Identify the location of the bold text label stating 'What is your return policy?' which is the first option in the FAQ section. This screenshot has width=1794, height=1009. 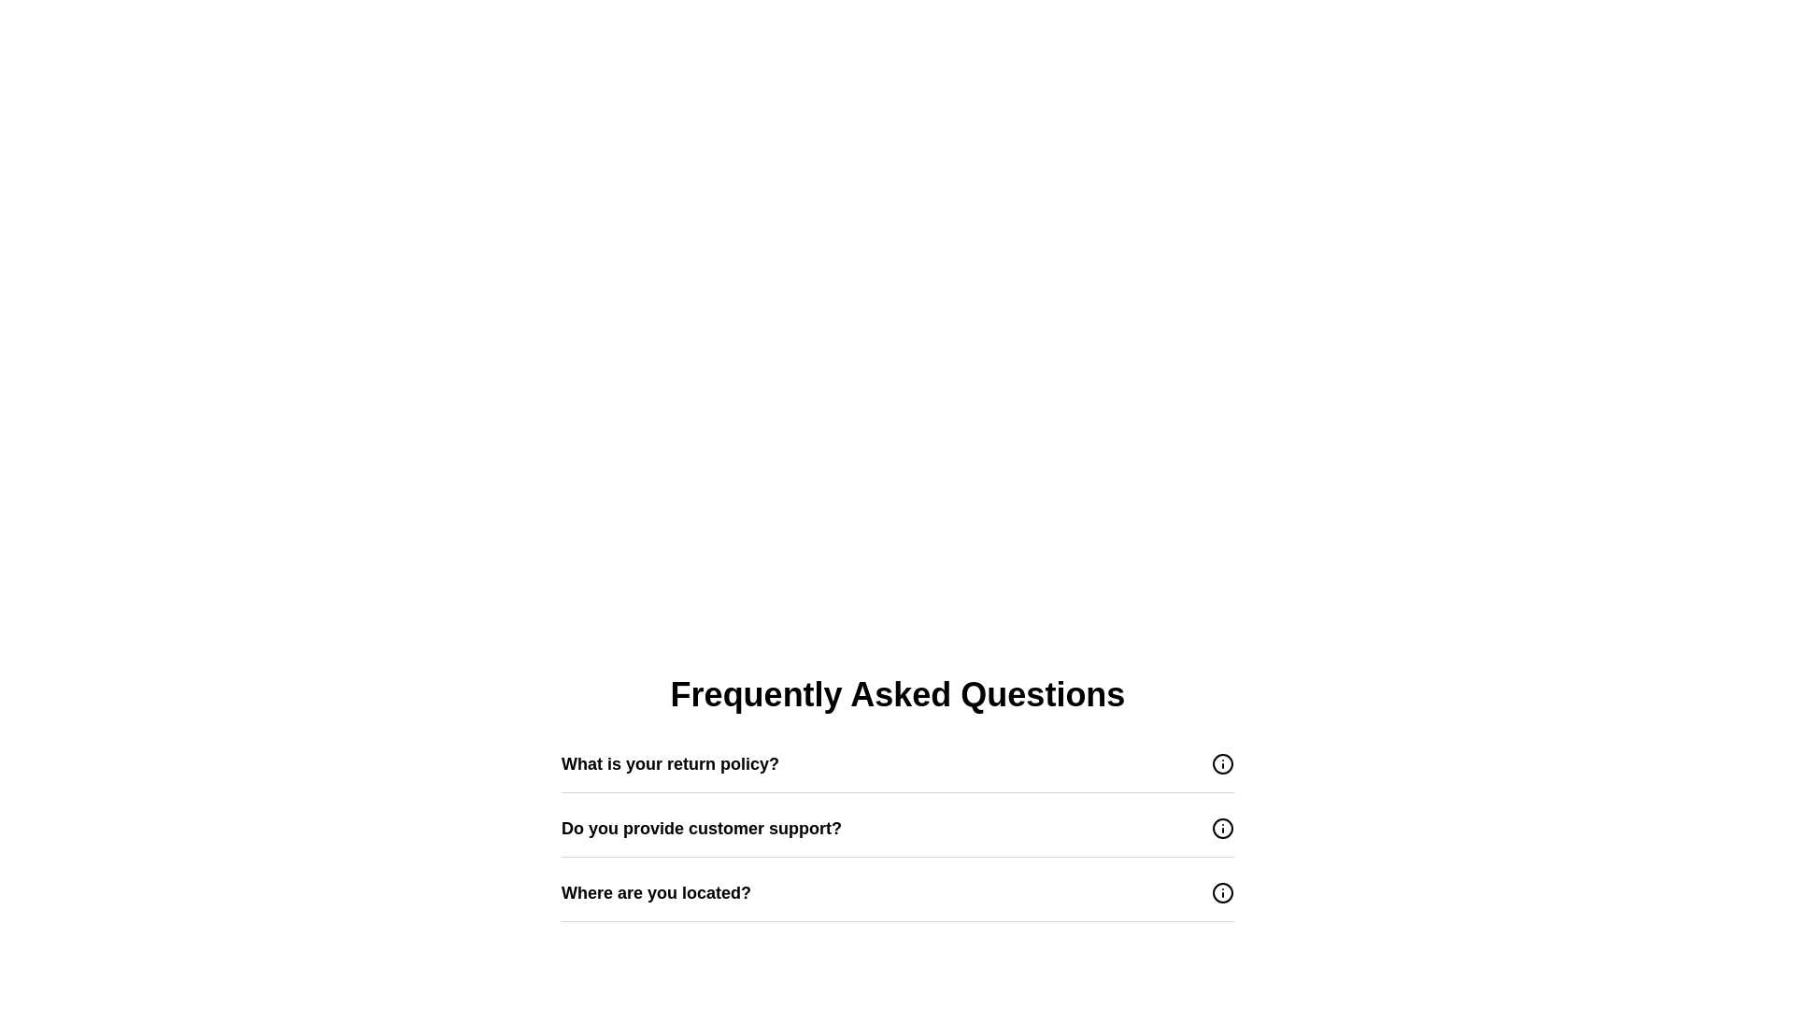
(670, 763).